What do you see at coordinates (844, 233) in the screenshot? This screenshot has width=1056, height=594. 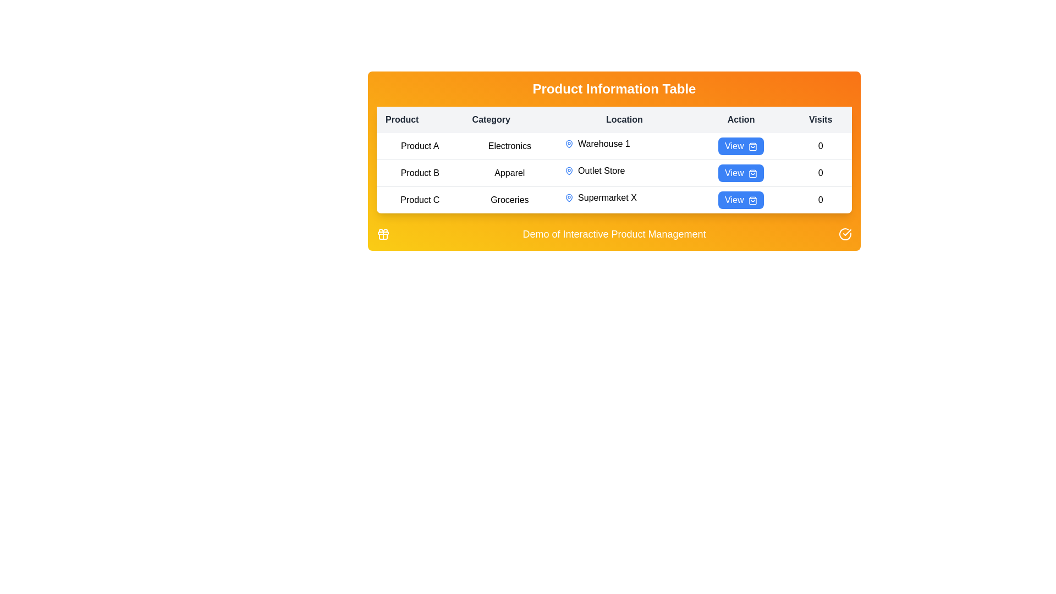 I see `the success or completion indicator SVG icon located at the far-right side of the line containing the text 'Demo of Interactive Product Management'` at bounding box center [844, 233].